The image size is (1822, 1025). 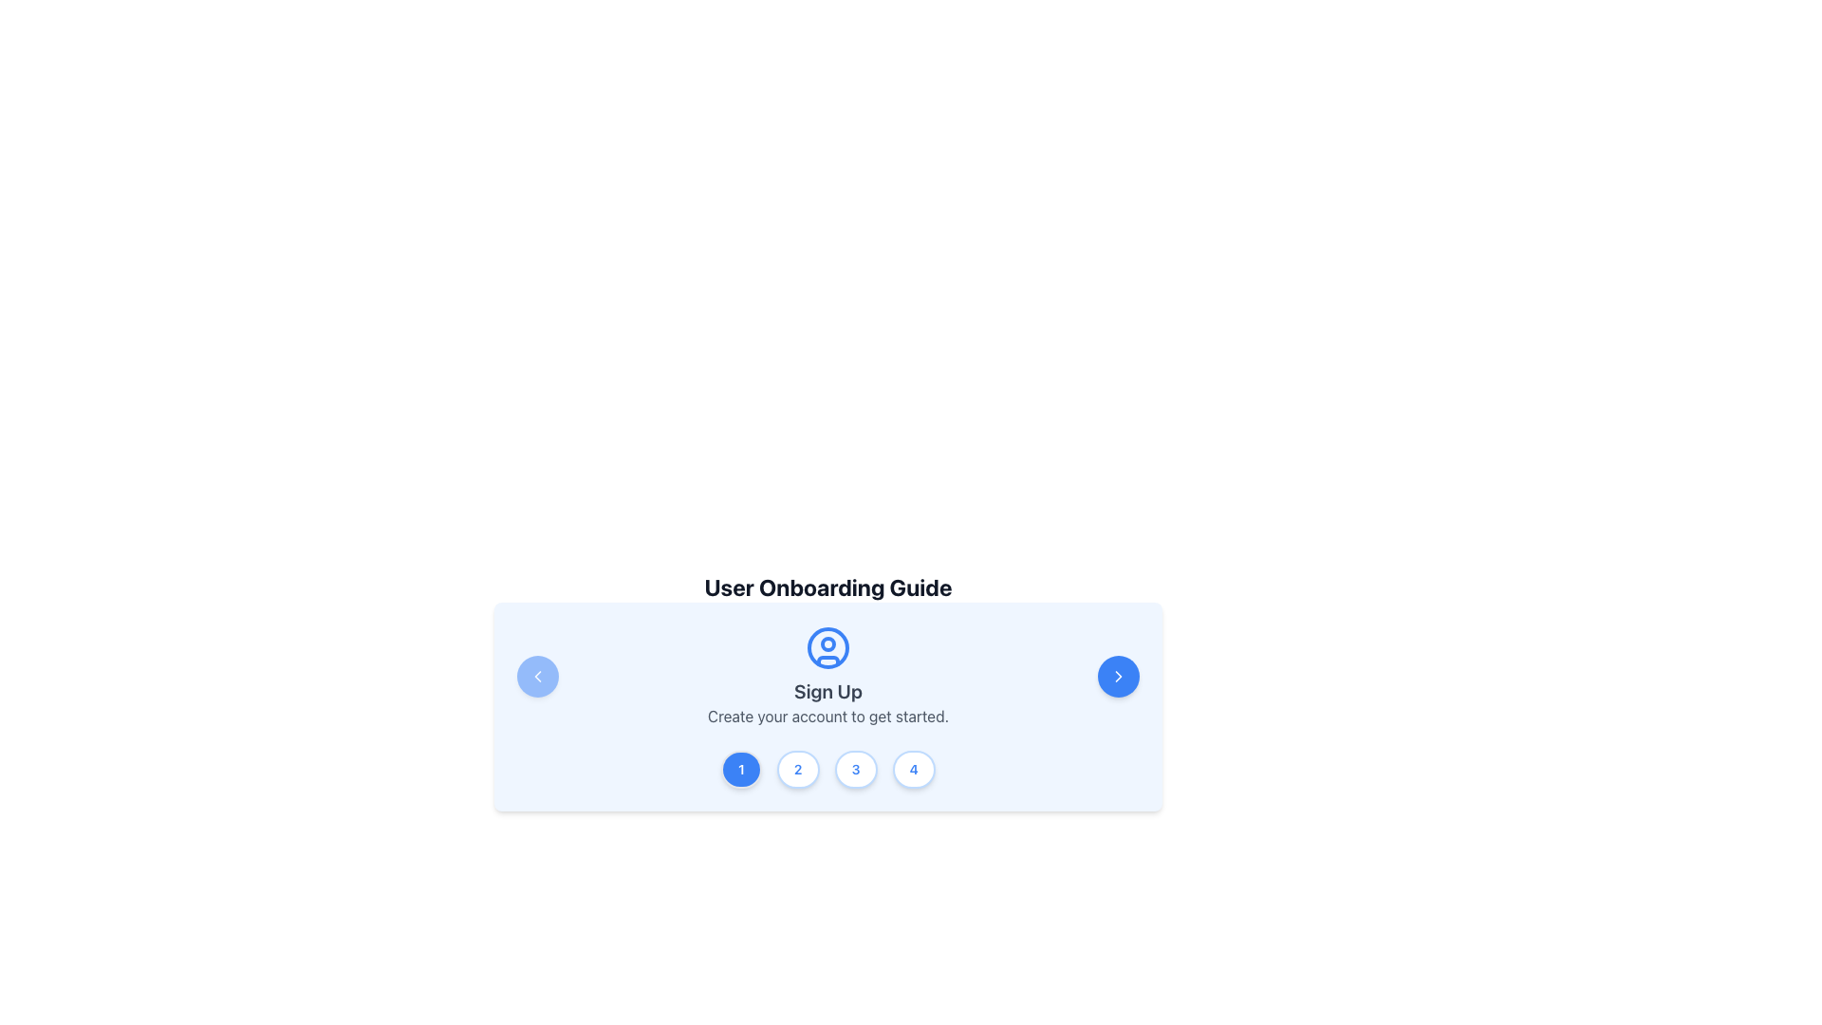 I want to click on the circular button with a bright blue background and a white chevron pointing right at its center, so click(x=1119, y=676).